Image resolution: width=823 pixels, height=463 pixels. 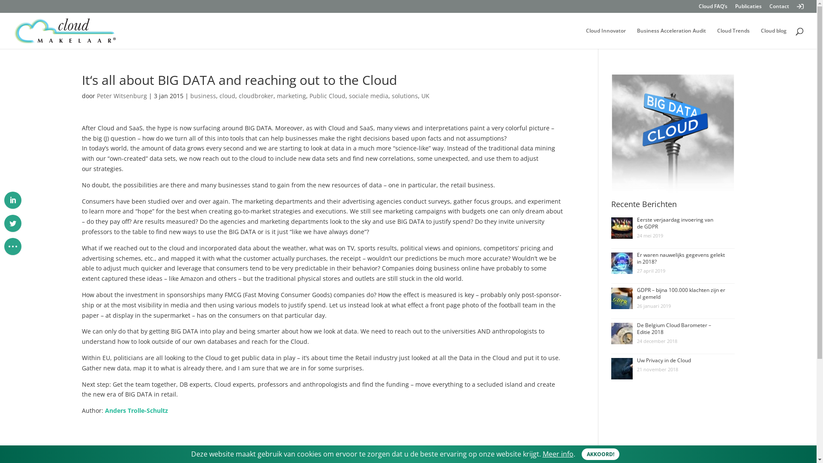 What do you see at coordinates (121, 96) in the screenshot?
I see `'Peter Witsenburg'` at bounding box center [121, 96].